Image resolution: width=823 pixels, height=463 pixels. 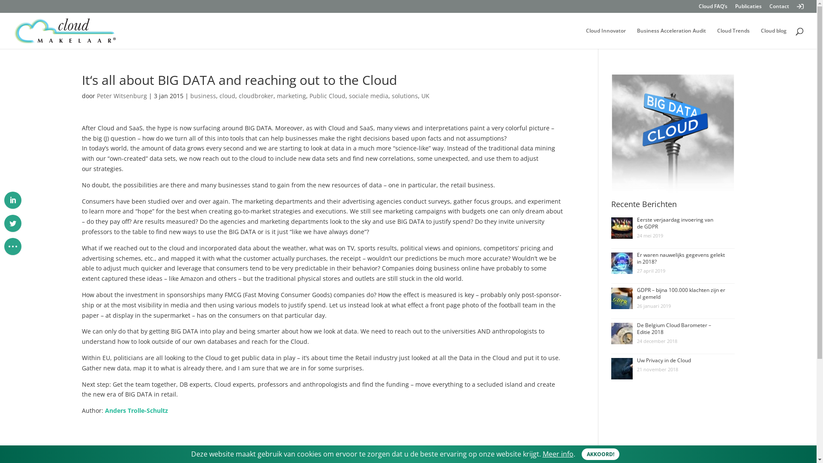 What do you see at coordinates (121, 96) in the screenshot?
I see `'Peter Witsenburg'` at bounding box center [121, 96].